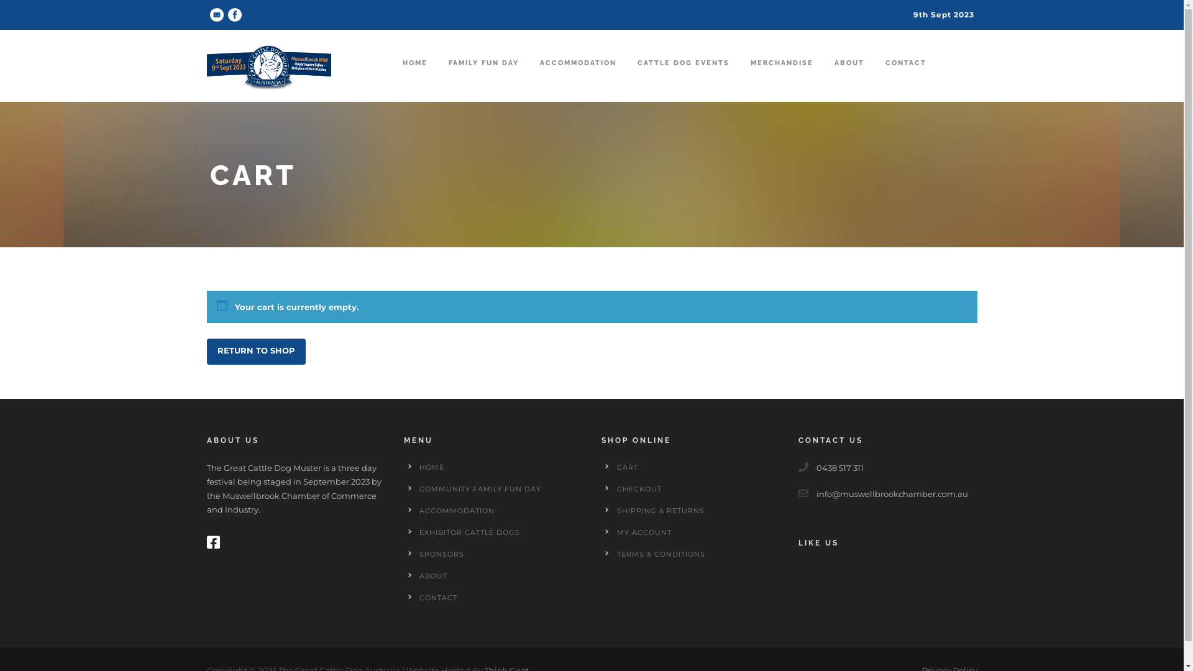  What do you see at coordinates (638, 488) in the screenshot?
I see `'CHECKOUT'` at bounding box center [638, 488].